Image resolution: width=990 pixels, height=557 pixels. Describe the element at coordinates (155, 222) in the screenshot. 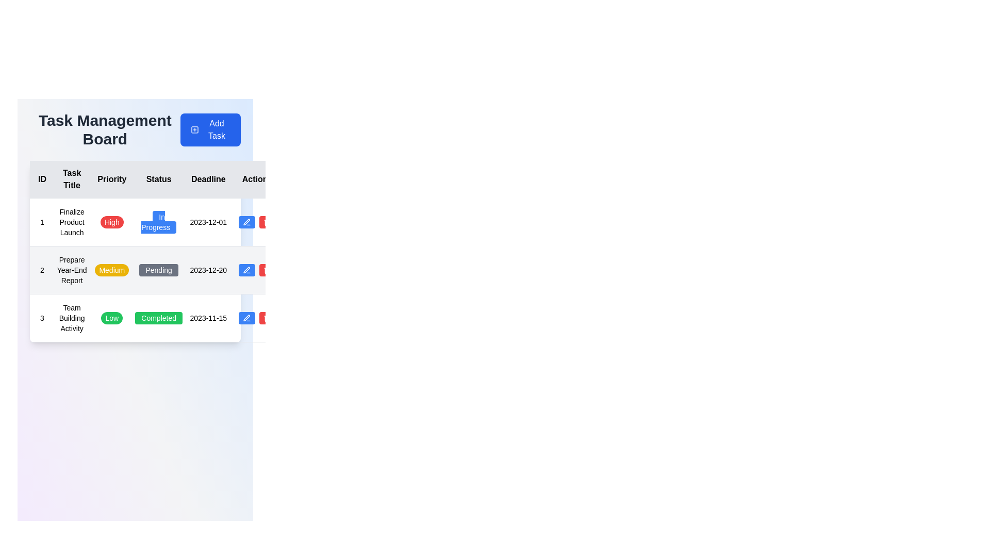

I see `the task row titled 'Finalize Product Launch'` at that location.